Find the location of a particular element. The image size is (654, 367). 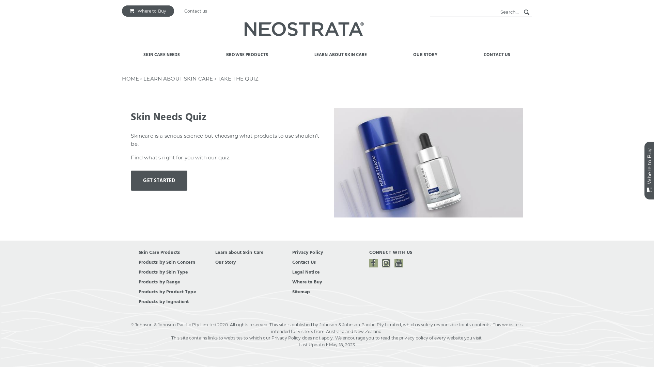

'Enter the terms you wish to search for.' is located at coordinates (475, 12).